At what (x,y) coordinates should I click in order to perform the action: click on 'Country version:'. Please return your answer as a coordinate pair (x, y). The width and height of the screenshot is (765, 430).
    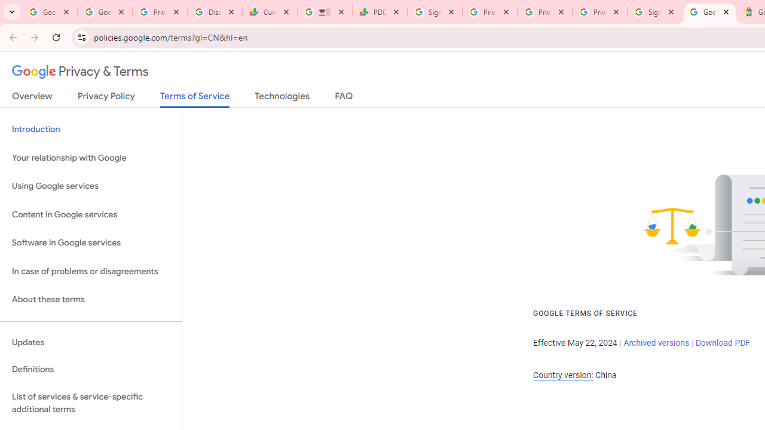
    Looking at the image, I should click on (562, 374).